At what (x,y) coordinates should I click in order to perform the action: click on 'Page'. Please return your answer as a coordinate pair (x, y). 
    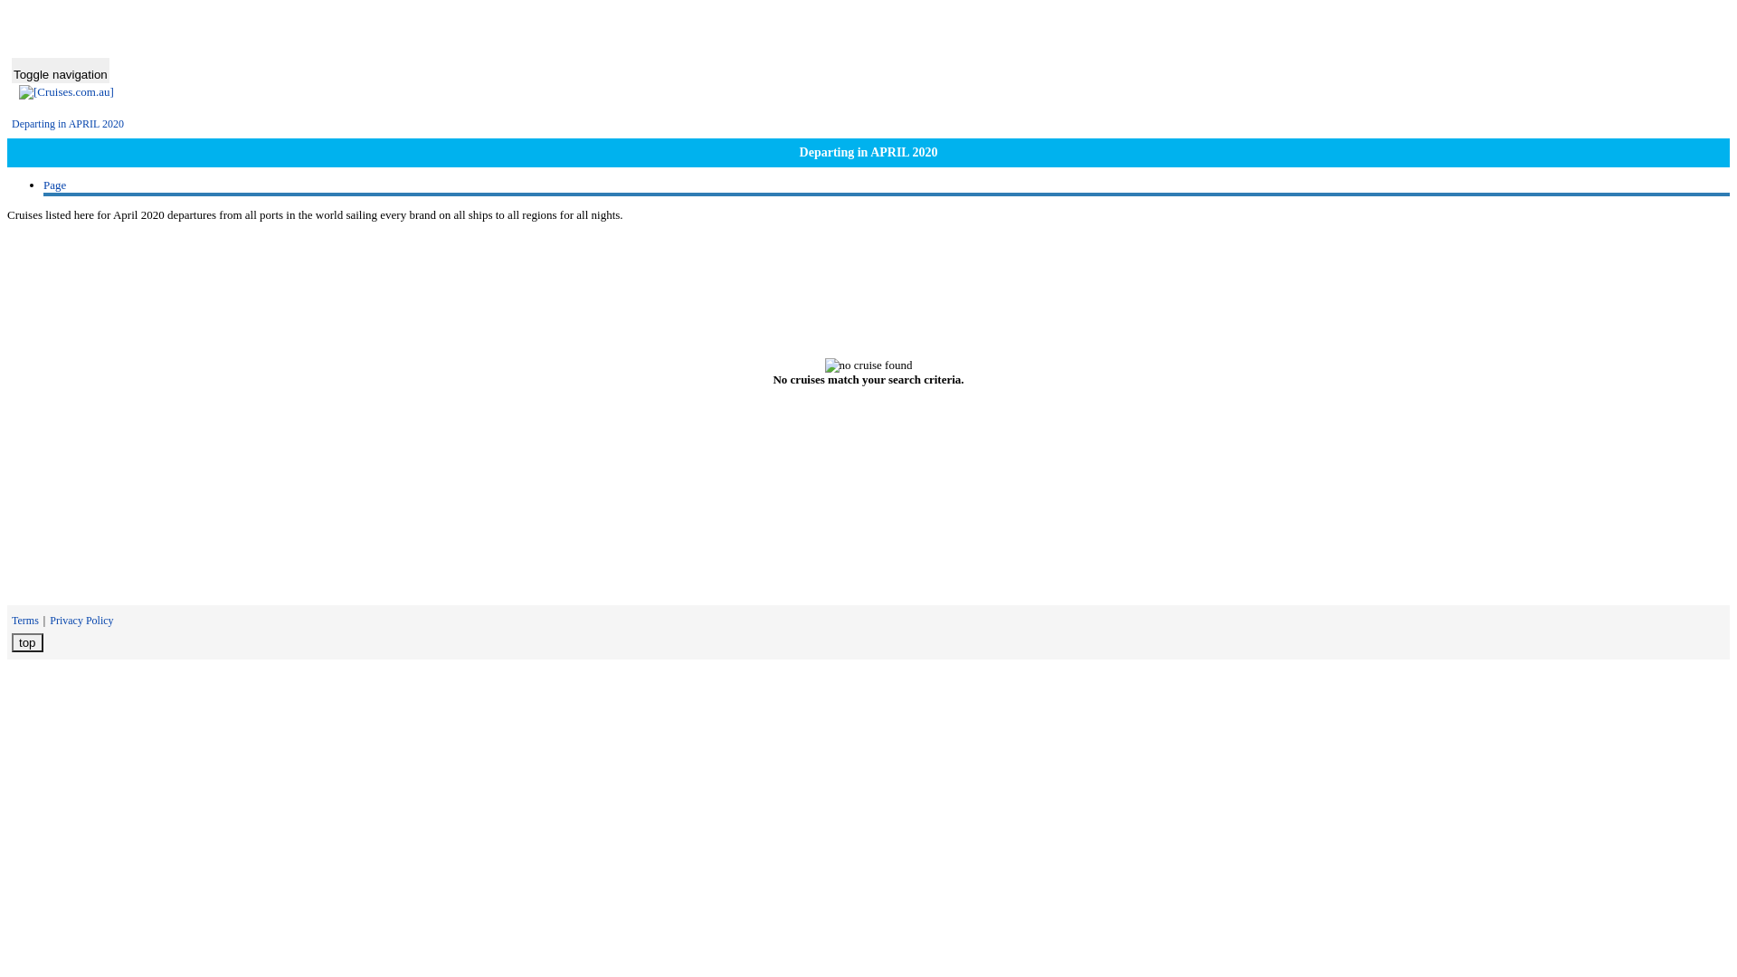
    Looking at the image, I should click on (54, 185).